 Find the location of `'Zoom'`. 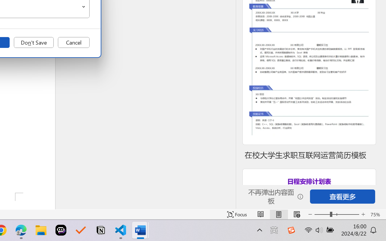

'Zoom' is located at coordinates (336, 214).